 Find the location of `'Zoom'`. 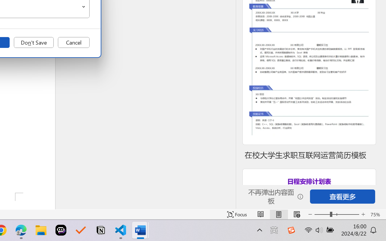

'Zoom' is located at coordinates (336, 214).